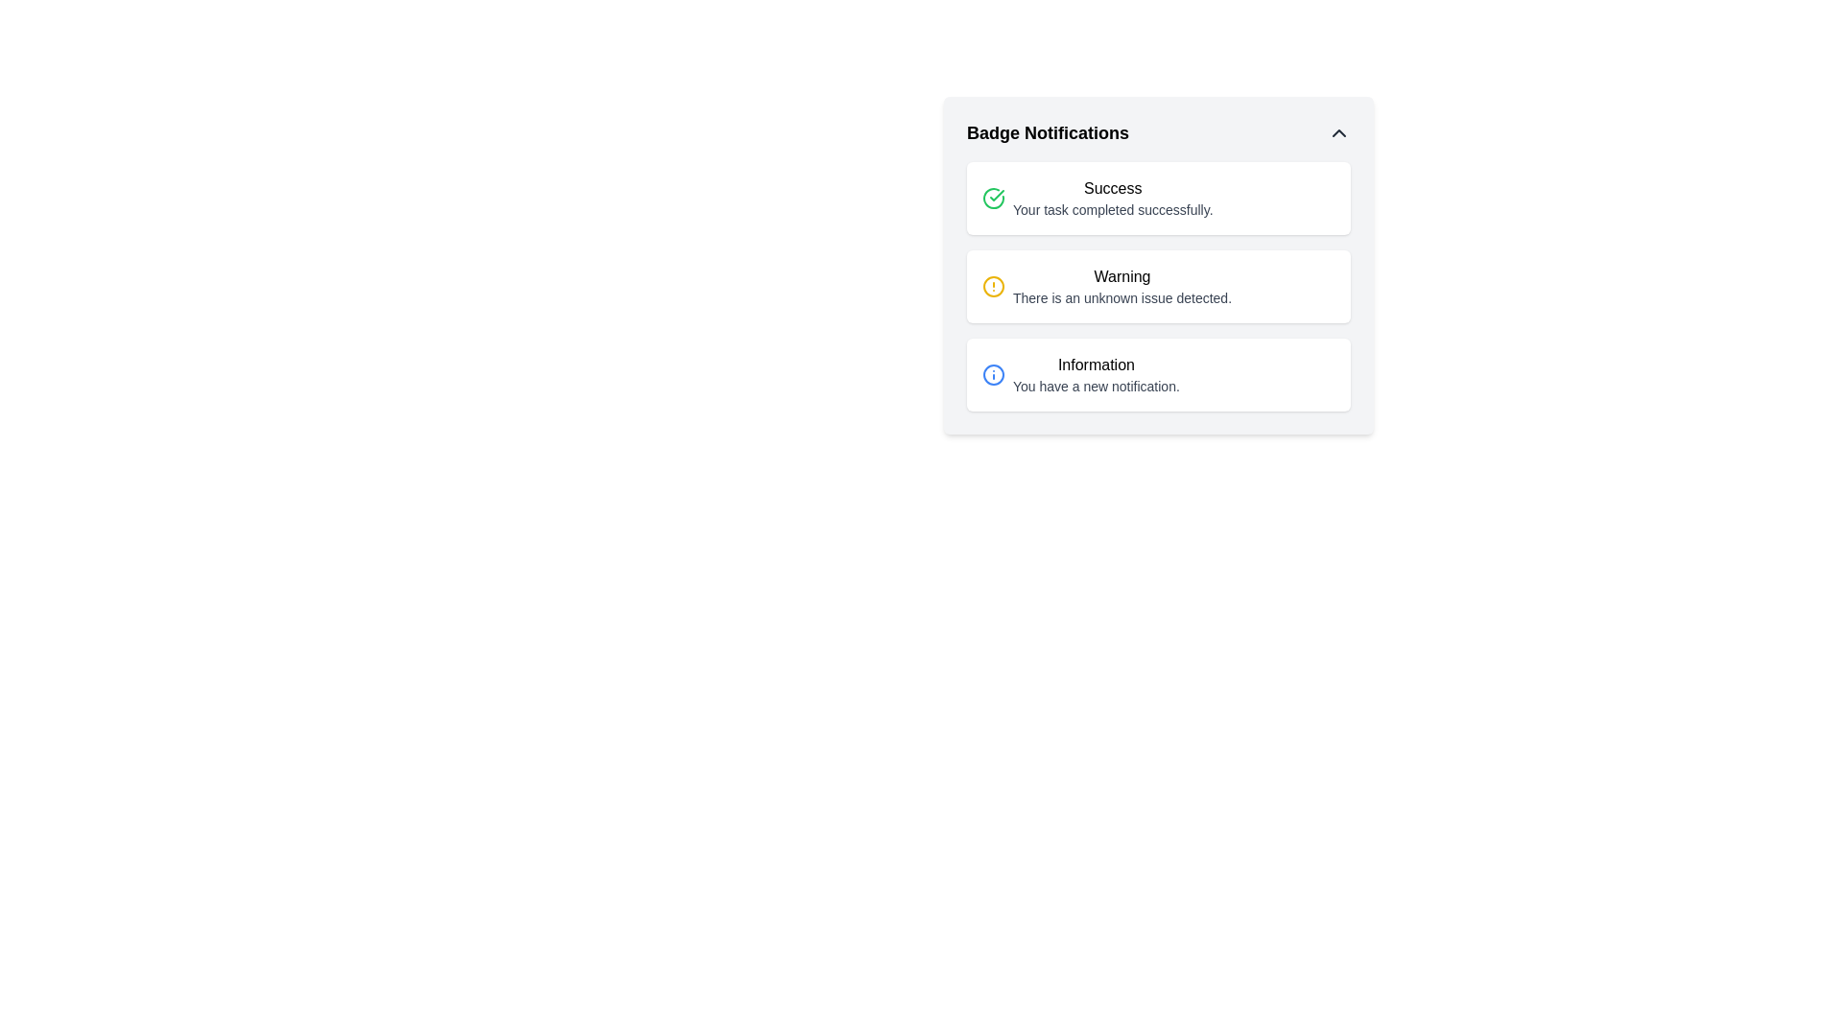  I want to click on circular warning symbol icon with a yellow border and exclamation mark, located before the 'Warning' text in the second notification block, so click(994, 287).